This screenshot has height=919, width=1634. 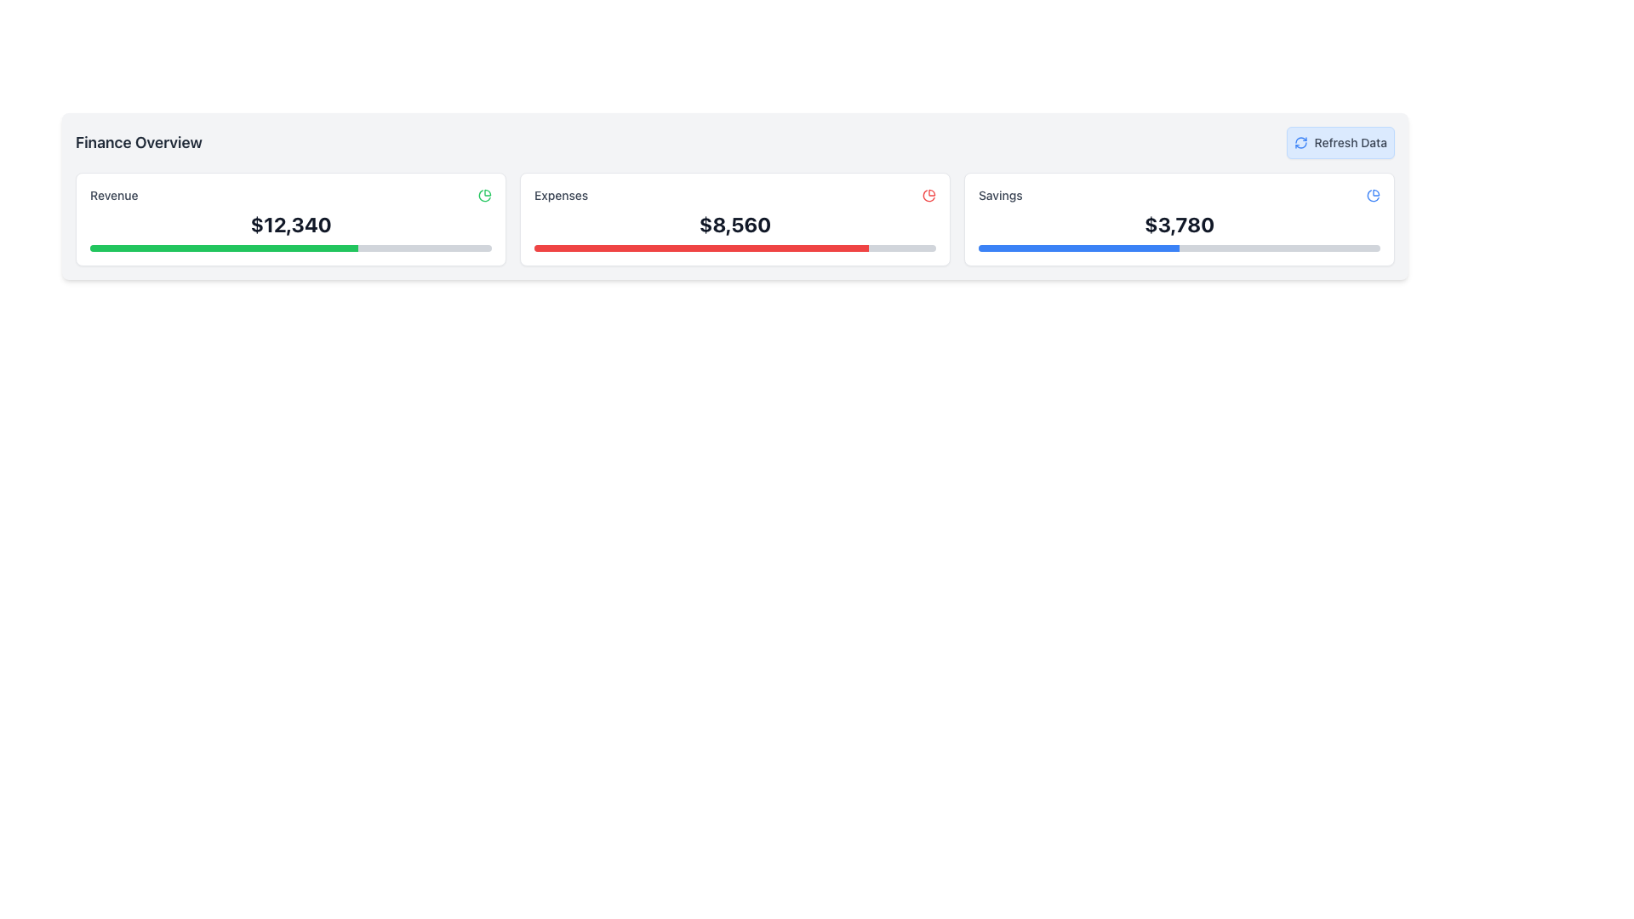 What do you see at coordinates (290, 248) in the screenshot?
I see `the progress represented by the progress bar located within the 'Revenue' card, positioned below the main numeric display text` at bounding box center [290, 248].